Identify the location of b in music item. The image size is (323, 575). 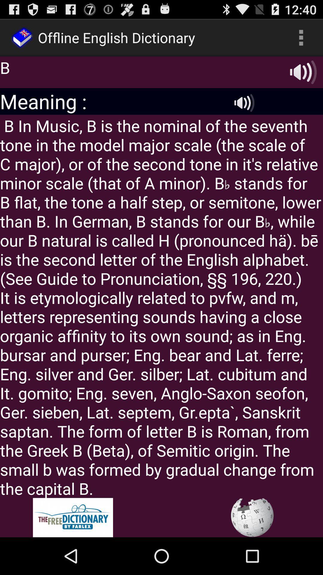
(161, 306).